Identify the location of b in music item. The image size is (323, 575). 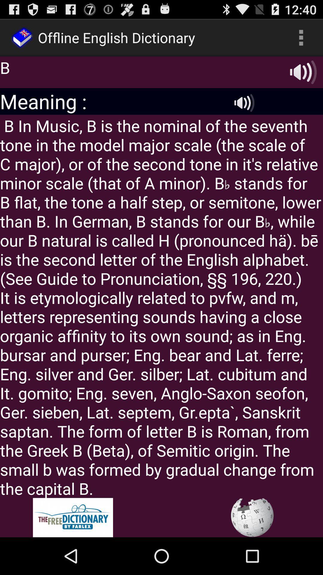
(161, 306).